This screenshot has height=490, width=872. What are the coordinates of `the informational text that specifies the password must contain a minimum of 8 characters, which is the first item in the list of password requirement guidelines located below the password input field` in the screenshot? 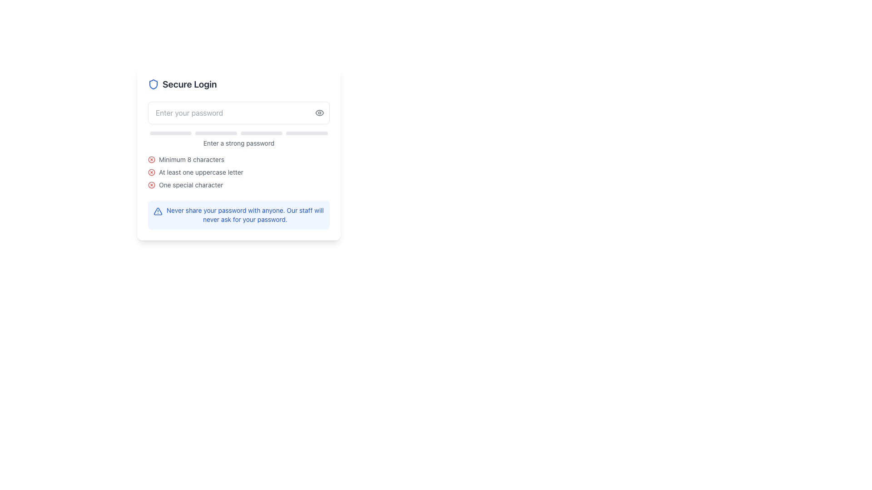 It's located at (191, 159).